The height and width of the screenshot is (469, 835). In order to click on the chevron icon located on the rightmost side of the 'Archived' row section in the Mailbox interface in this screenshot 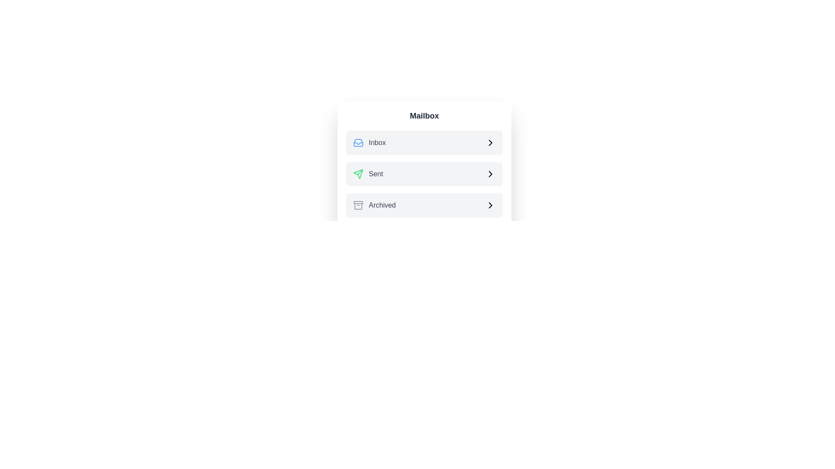, I will do `click(491, 205)`.